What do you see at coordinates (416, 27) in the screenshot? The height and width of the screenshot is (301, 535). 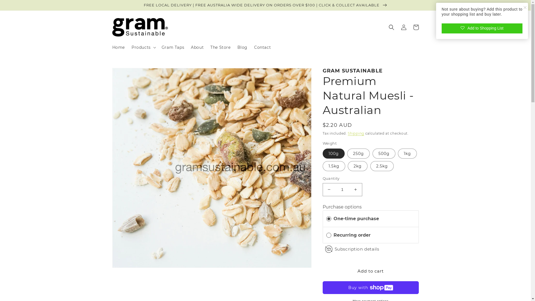 I see `'Cart'` at bounding box center [416, 27].